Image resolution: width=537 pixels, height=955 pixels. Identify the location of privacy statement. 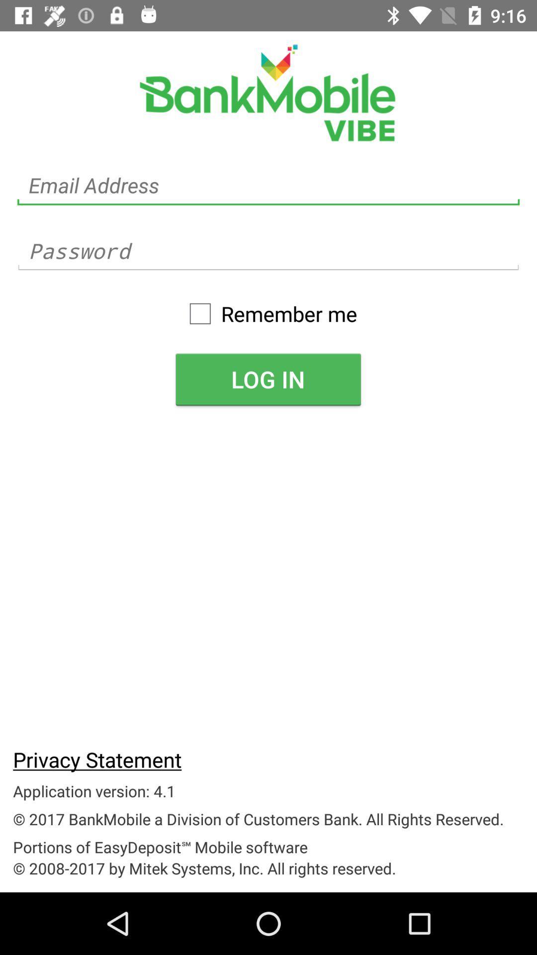
(97, 759).